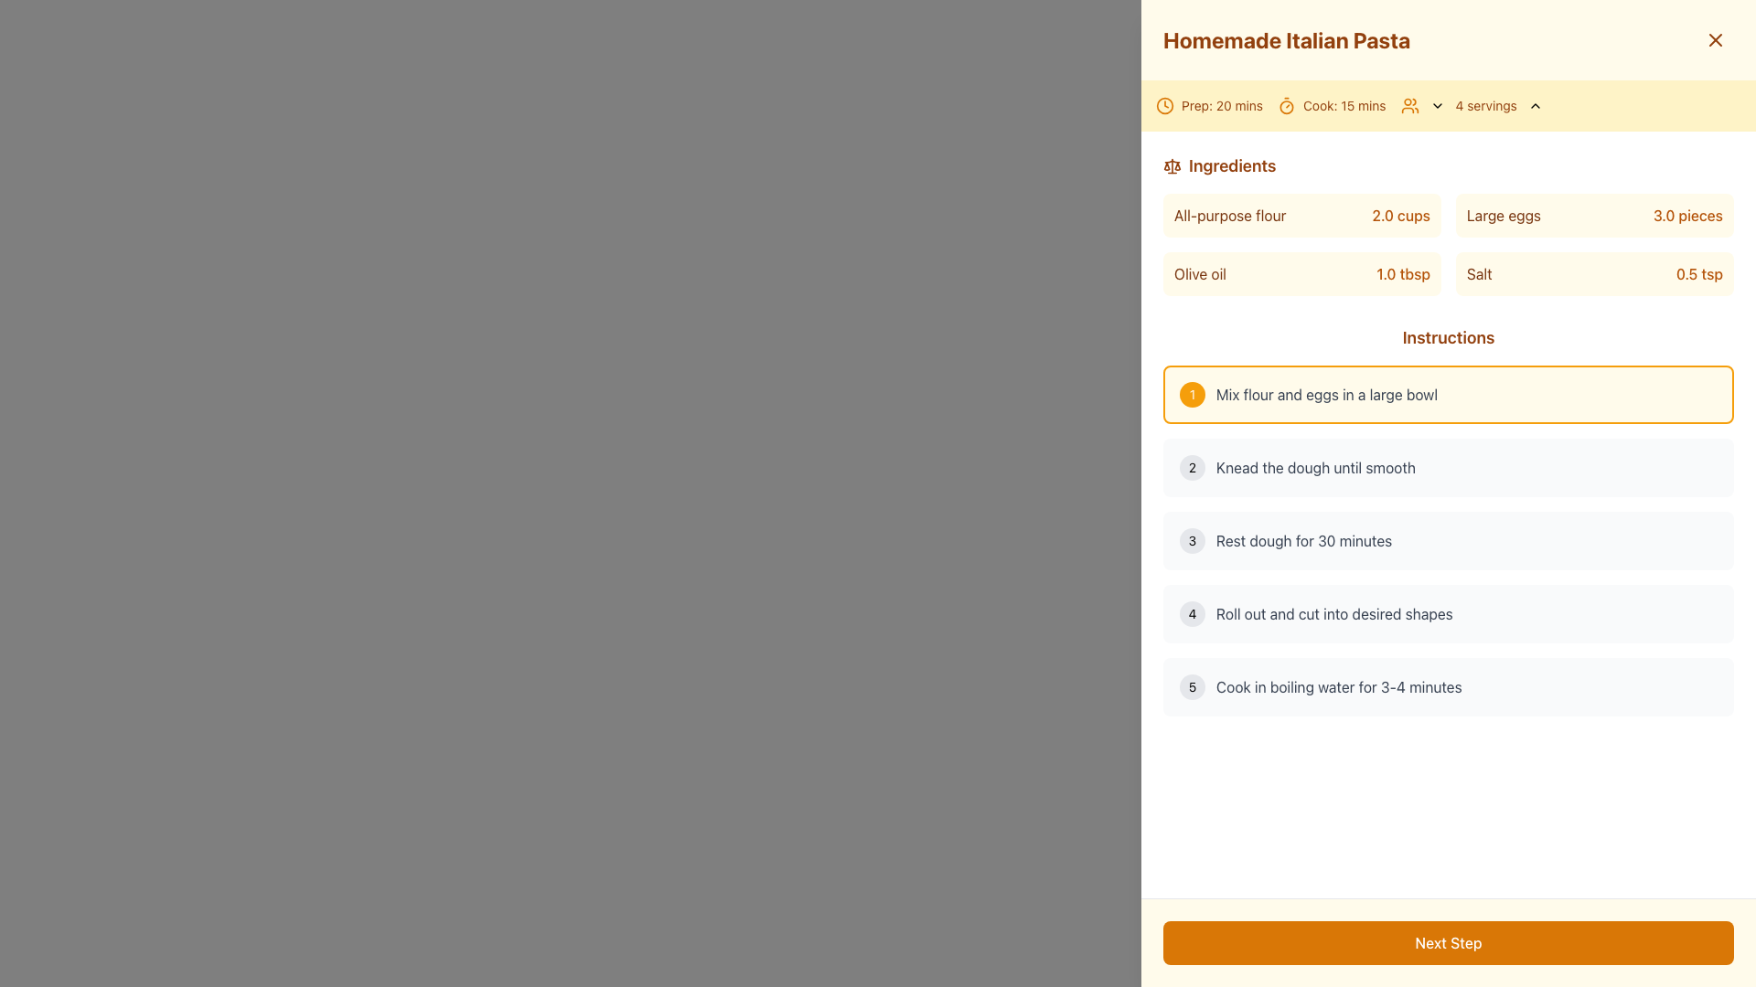 This screenshot has height=987, width=1756. Describe the element at coordinates (1193, 613) in the screenshot. I see `the Numbered step indicator with the number '4' in bold black text, which is part of the vertical list under the 'Instructions' heading` at that location.